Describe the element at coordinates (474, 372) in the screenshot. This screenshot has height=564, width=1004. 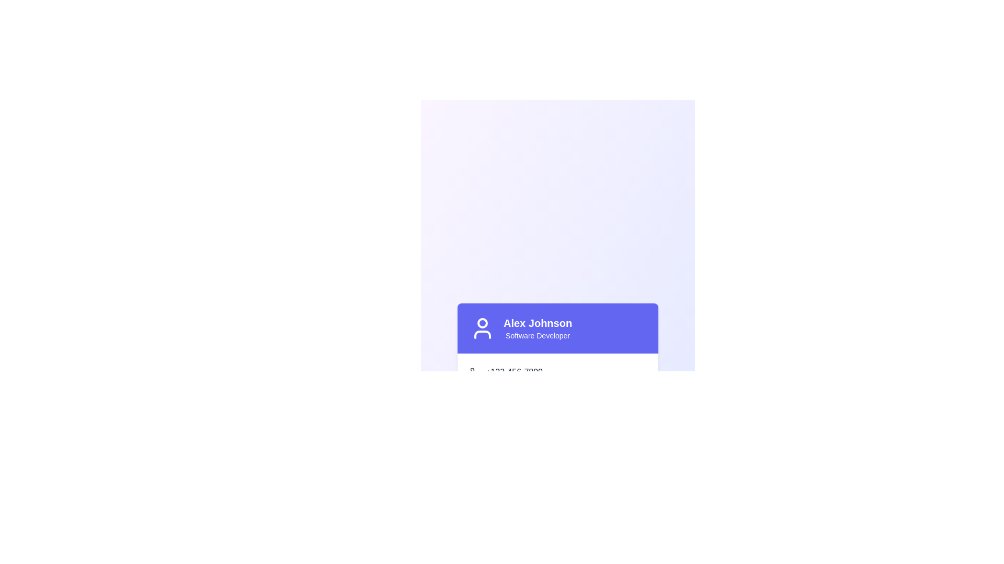
I see `the phone number indicator icon that is positioned immediately to the left of the contact phone number '+123-456-7890', serving as a graphical cue for the information presented` at that location.